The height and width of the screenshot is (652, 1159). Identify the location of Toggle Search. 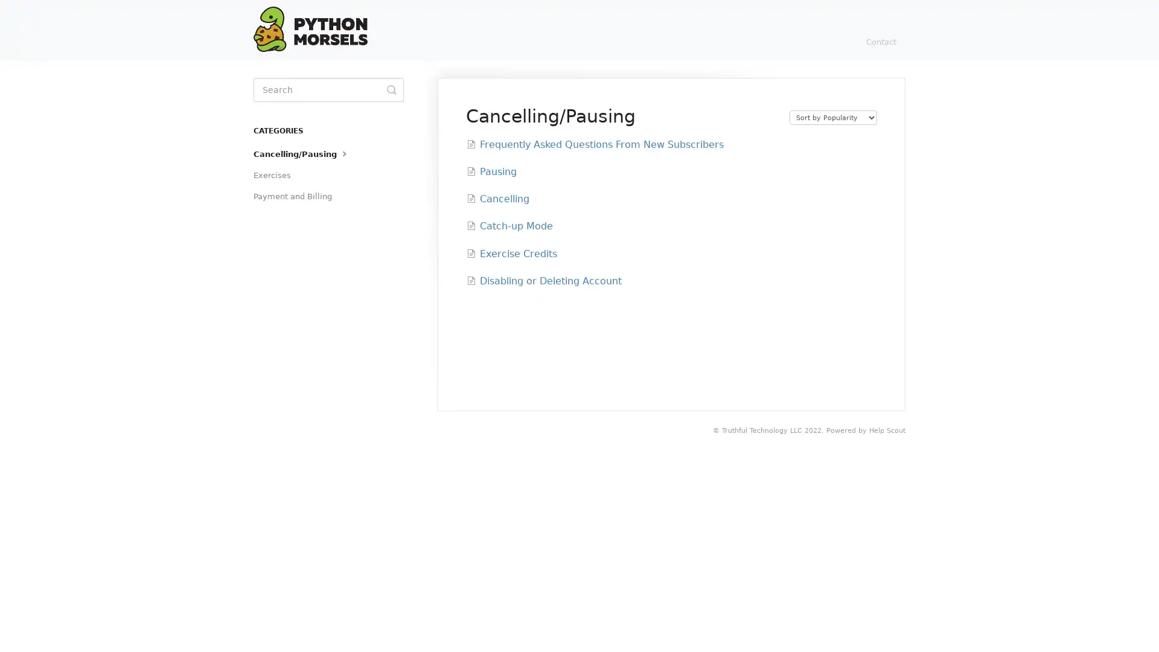
(391, 89).